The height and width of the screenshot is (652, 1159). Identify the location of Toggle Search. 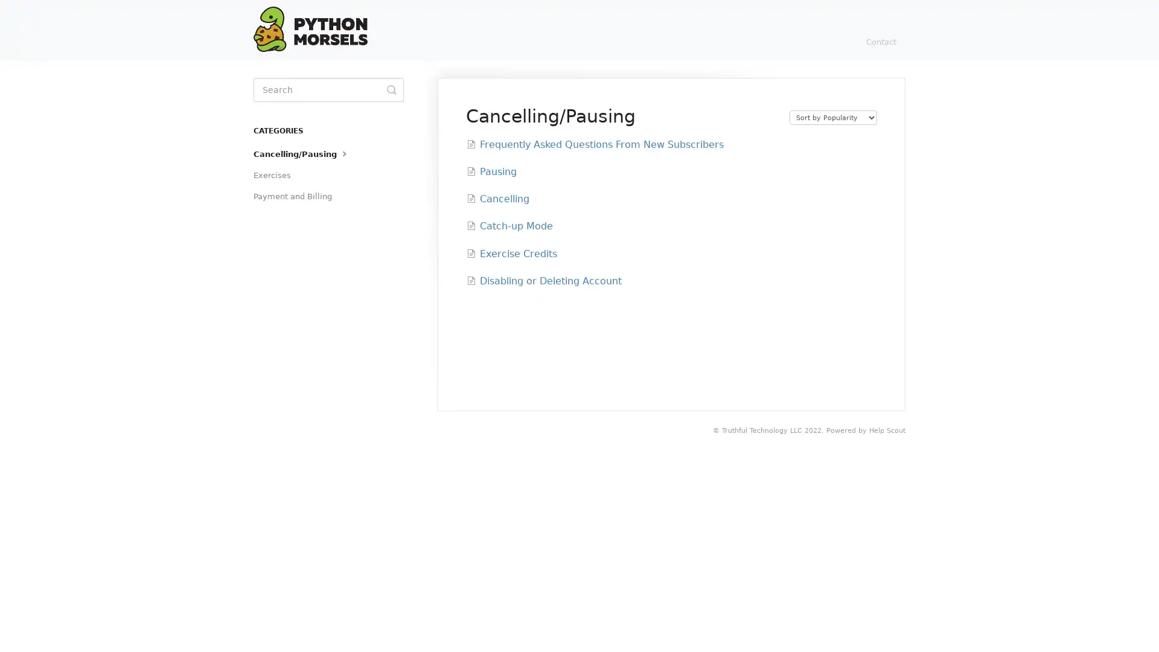
(391, 89).